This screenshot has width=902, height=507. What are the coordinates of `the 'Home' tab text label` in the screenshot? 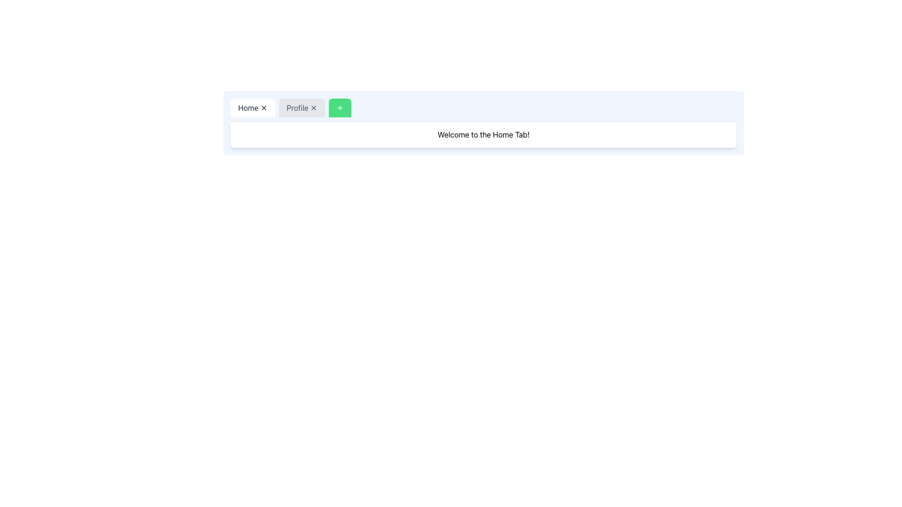 It's located at (248, 108).